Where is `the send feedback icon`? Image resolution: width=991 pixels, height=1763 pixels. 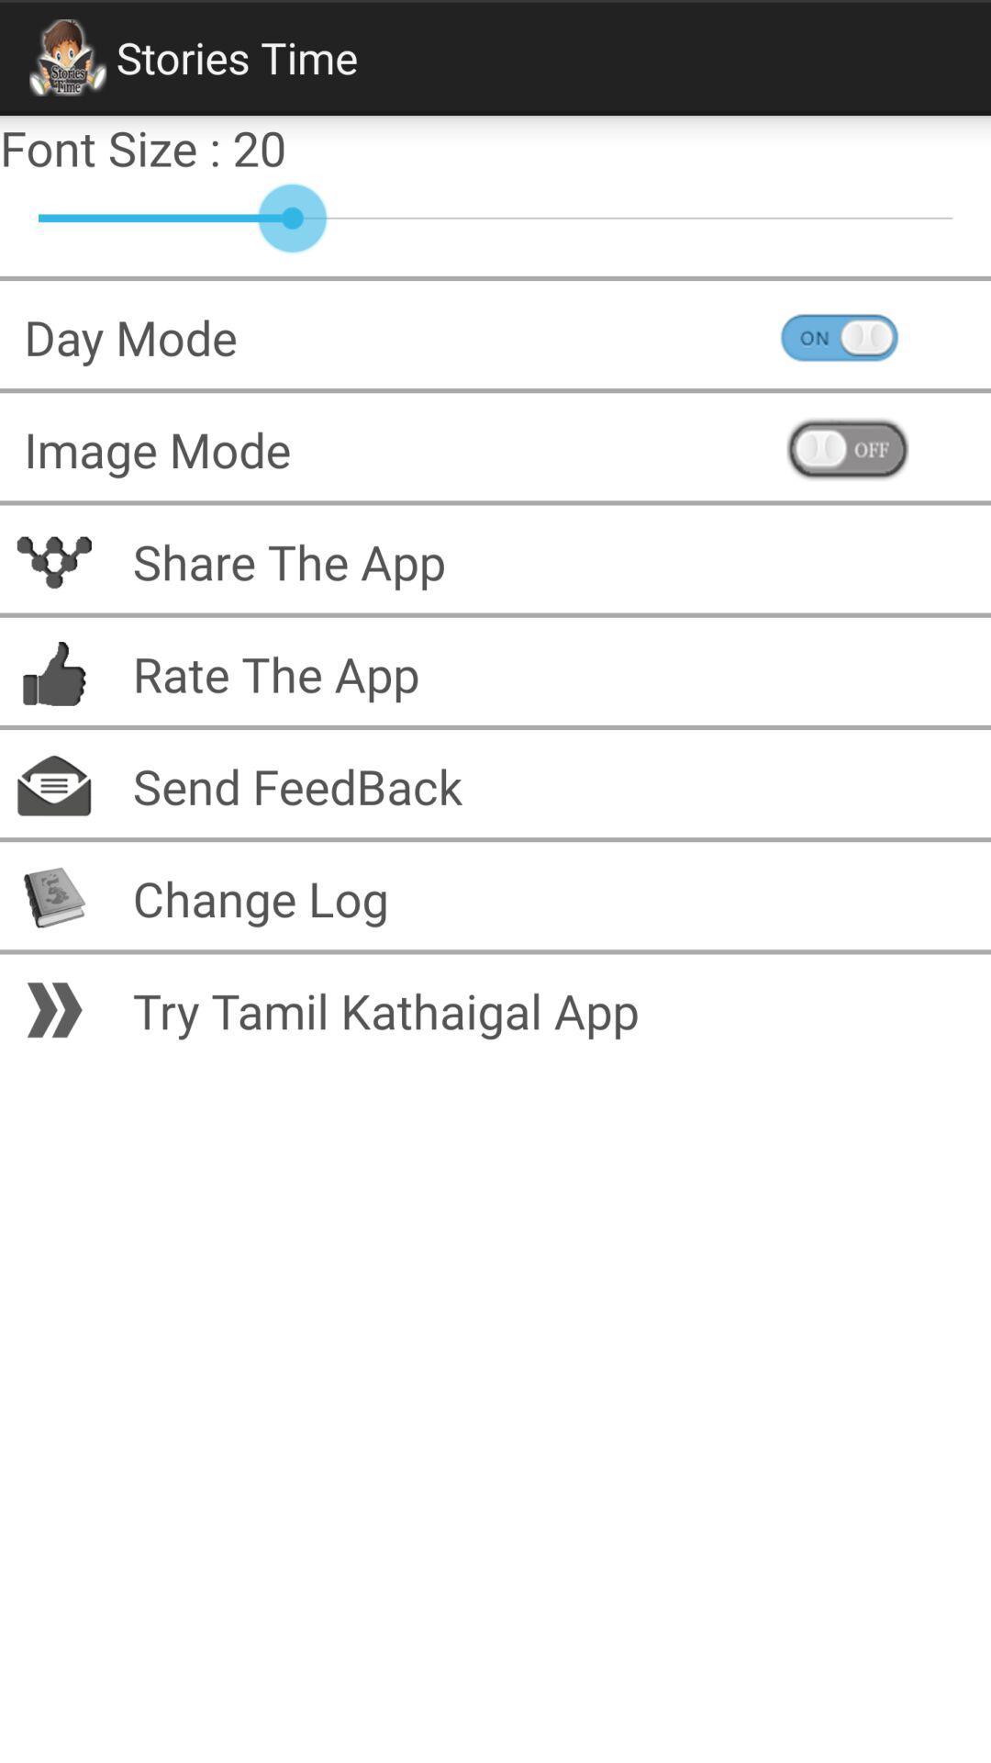
the send feedback icon is located at coordinates (285, 786).